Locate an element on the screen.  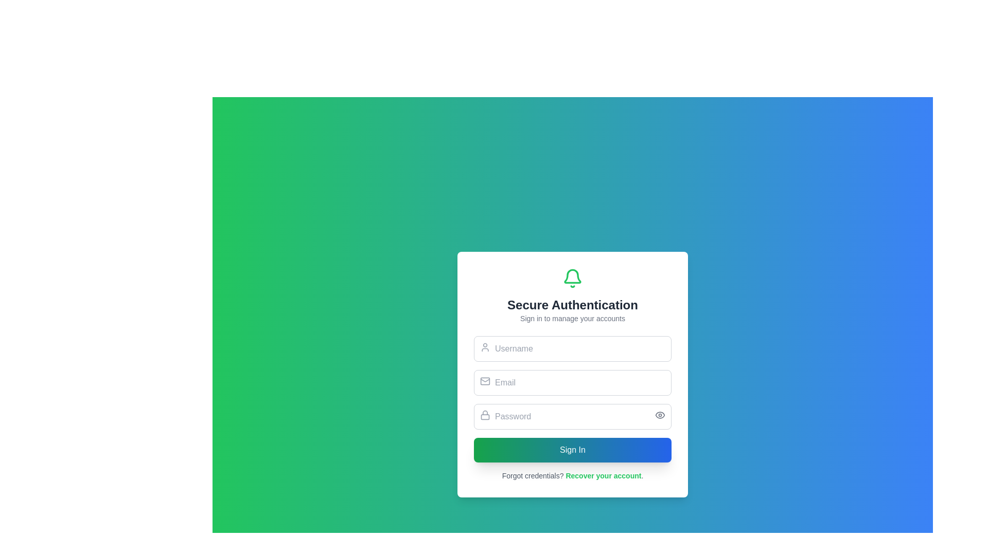
to select the email input field located below the 'Username' field and above the 'Password' field in the Secure Authentication form is located at coordinates (572, 375).